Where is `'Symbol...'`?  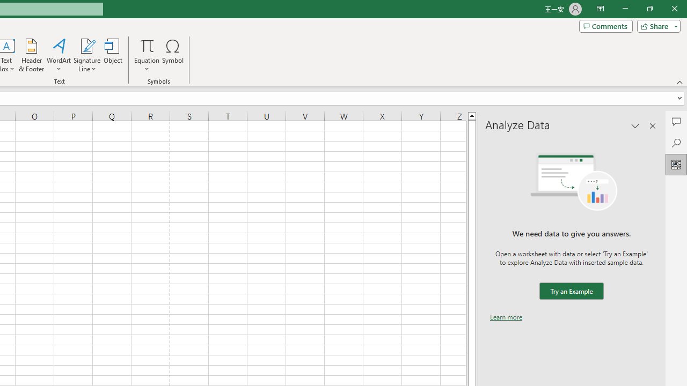
'Symbol...' is located at coordinates (173, 55).